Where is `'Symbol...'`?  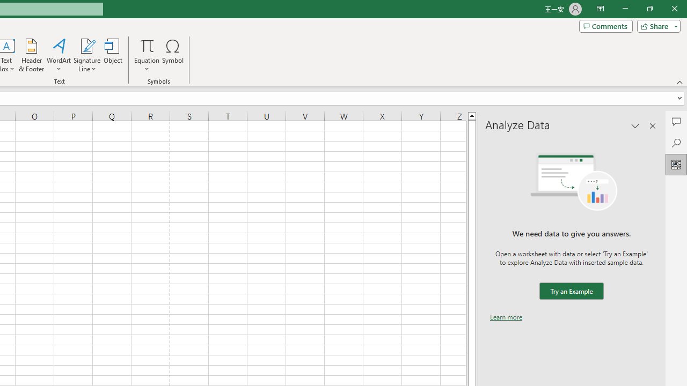
'Symbol...' is located at coordinates (173, 55).